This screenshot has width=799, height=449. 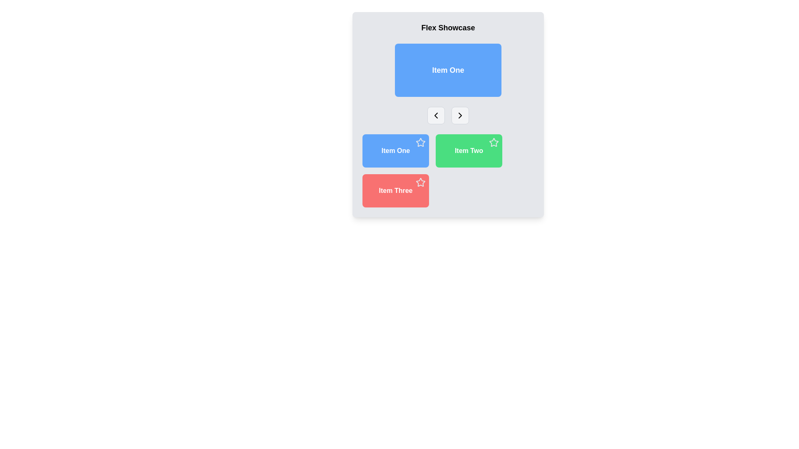 I want to click on the gray star icon located at the top-right corner of the card-type component labeled 'Item Two' to change its color to yellow, so click(x=469, y=150).